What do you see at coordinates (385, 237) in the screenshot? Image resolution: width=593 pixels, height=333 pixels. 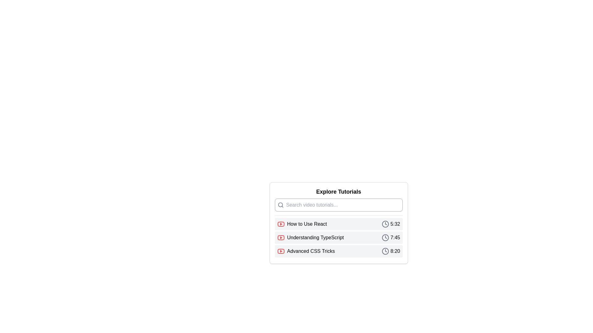 I see `the decorative clock icon located to the left of the time '7:45' in the 'Explore Tutorials' section` at bounding box center [385, 237].